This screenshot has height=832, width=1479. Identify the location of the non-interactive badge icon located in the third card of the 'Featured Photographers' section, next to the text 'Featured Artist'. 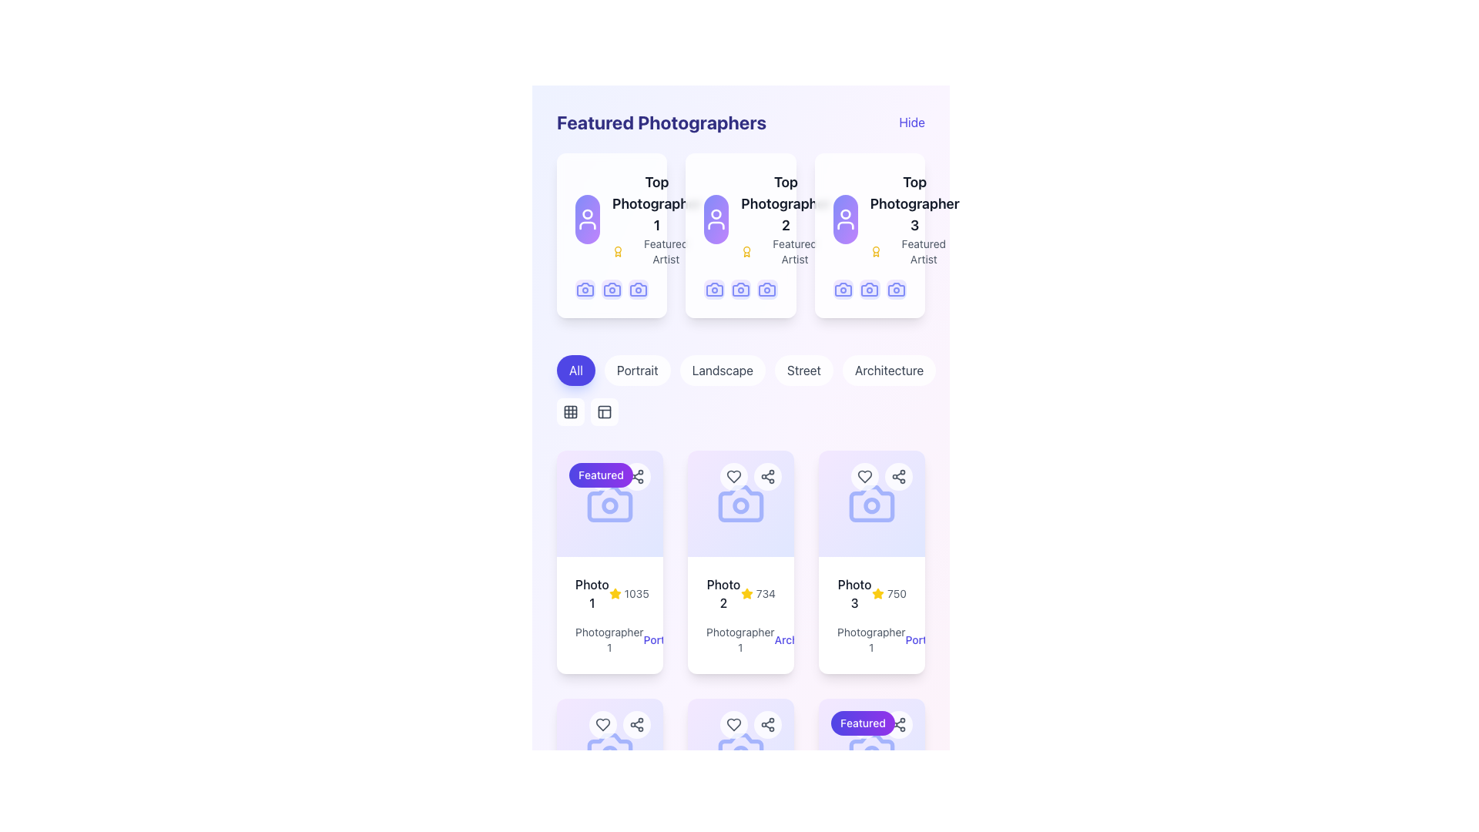
(876, 251).